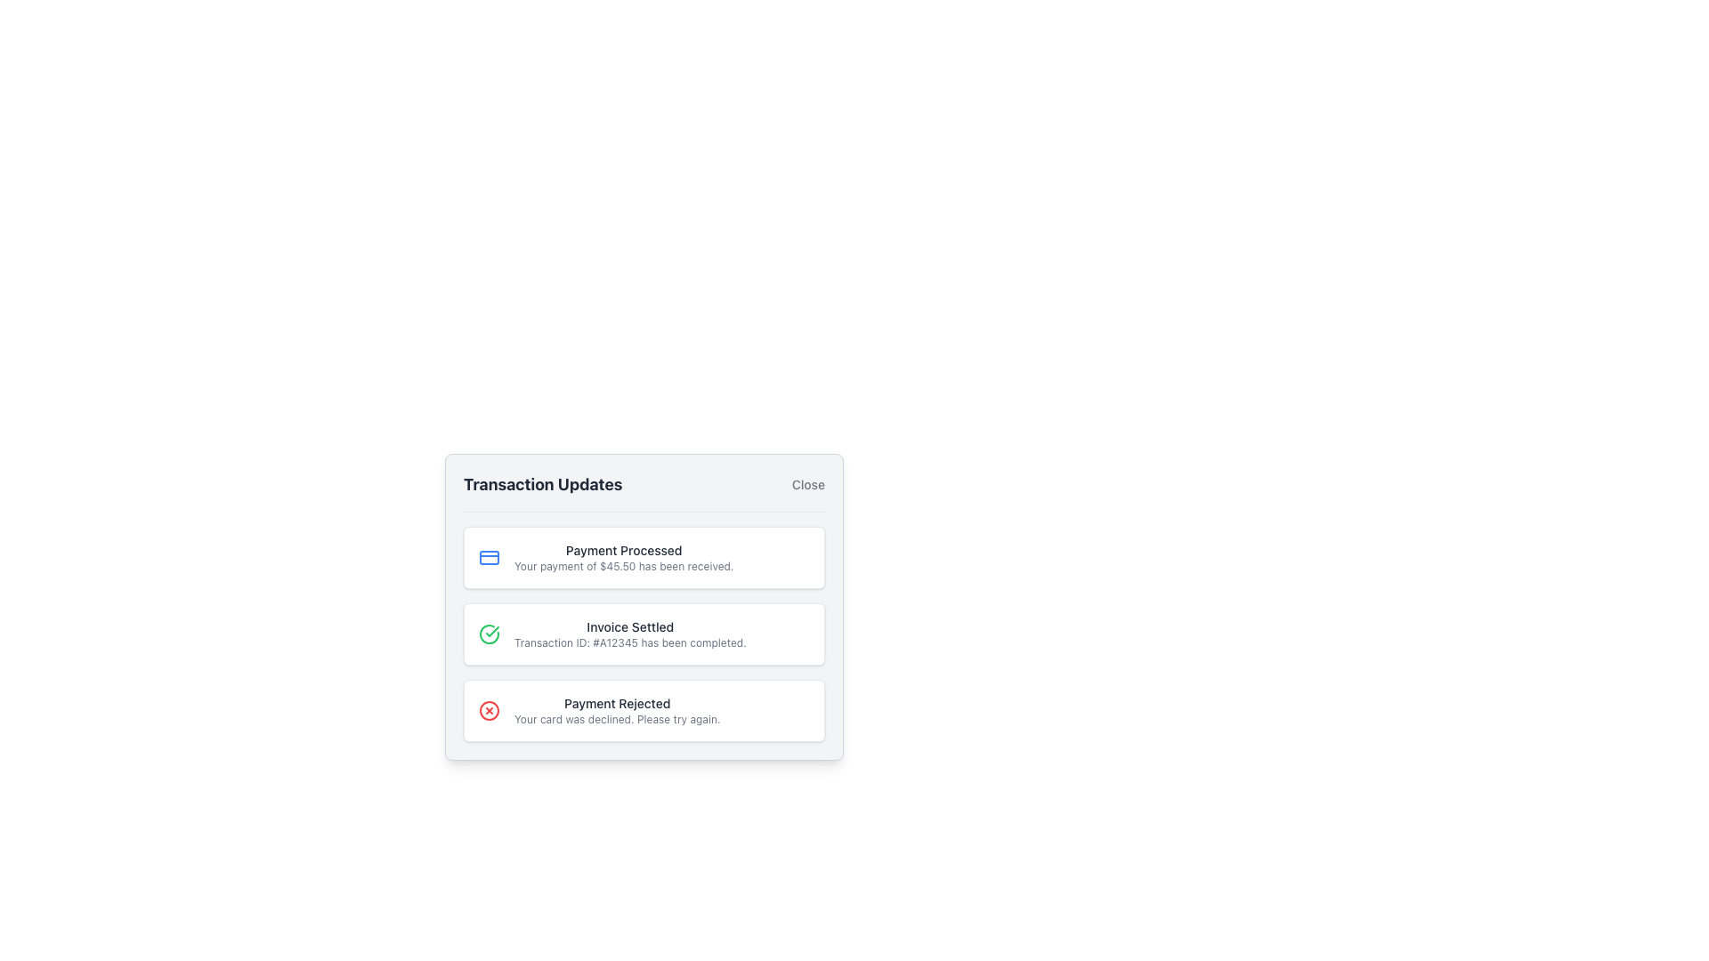 The image size is (1709, 961). Describe the element at coordinates (630, 634) in the screenshot. I see `the static text component within the notification card that informs the user about a successfully completed transaction` at that location.